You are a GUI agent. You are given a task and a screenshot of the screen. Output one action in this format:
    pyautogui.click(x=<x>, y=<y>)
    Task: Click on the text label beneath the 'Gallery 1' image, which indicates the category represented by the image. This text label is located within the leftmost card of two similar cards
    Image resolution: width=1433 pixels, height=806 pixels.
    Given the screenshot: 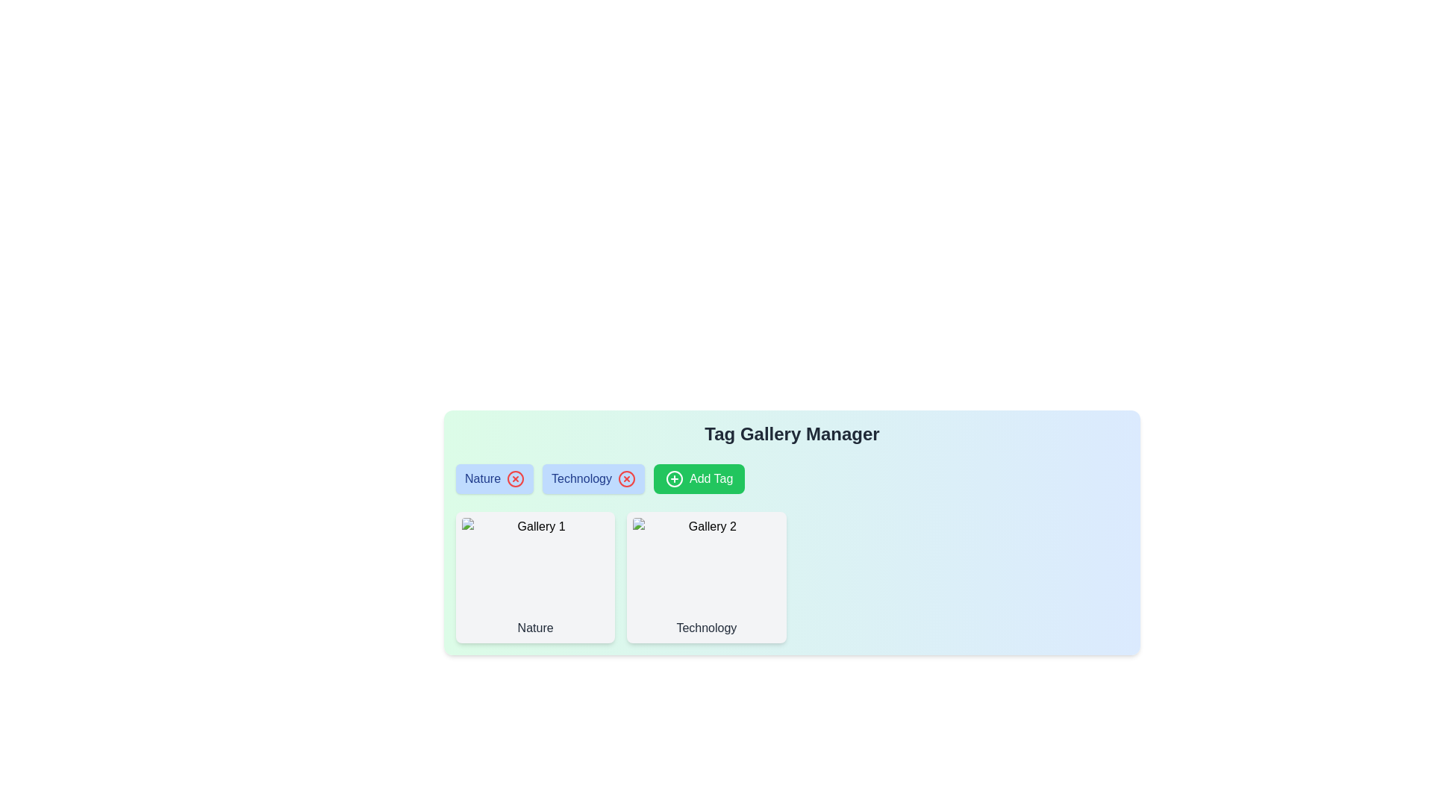 What is the action you would take?
    pyautogui.click(x=535, y=628)
    